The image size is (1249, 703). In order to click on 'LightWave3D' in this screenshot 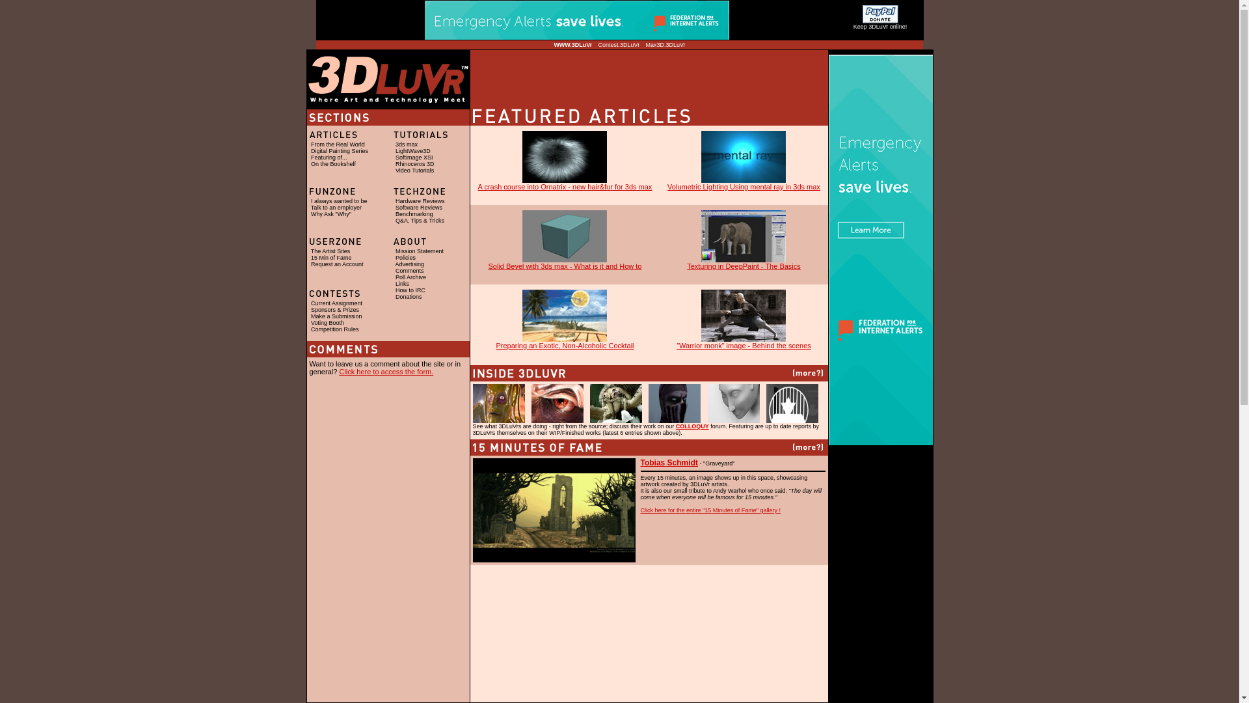, I will do `click(412, 150)`.